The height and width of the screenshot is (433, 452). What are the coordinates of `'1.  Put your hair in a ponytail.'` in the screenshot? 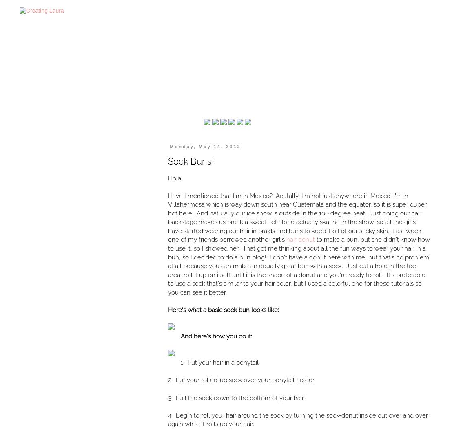 It's located at (220, 362).